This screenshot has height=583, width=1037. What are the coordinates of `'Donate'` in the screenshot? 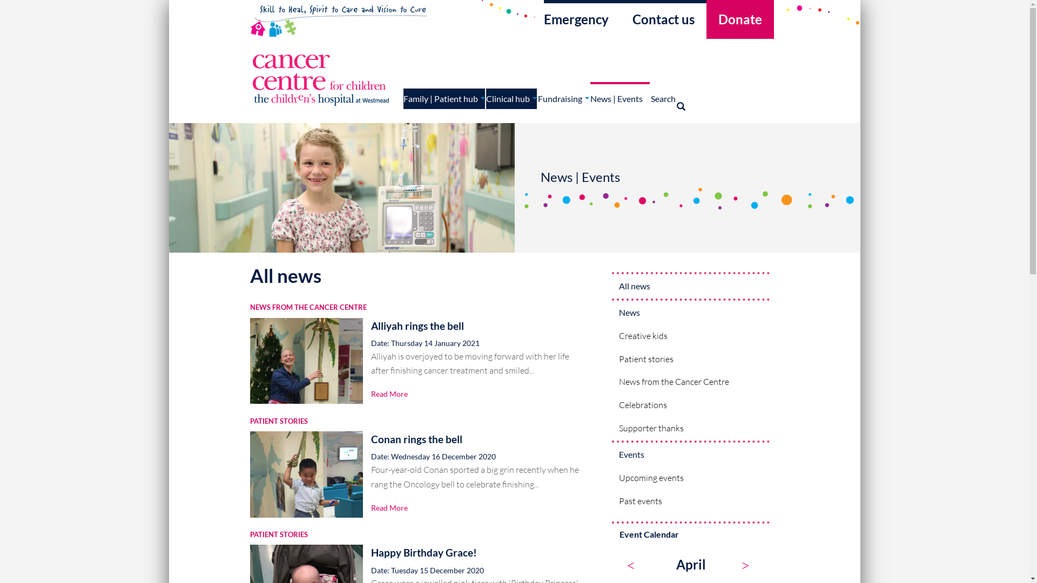 It's located at (739, 19).